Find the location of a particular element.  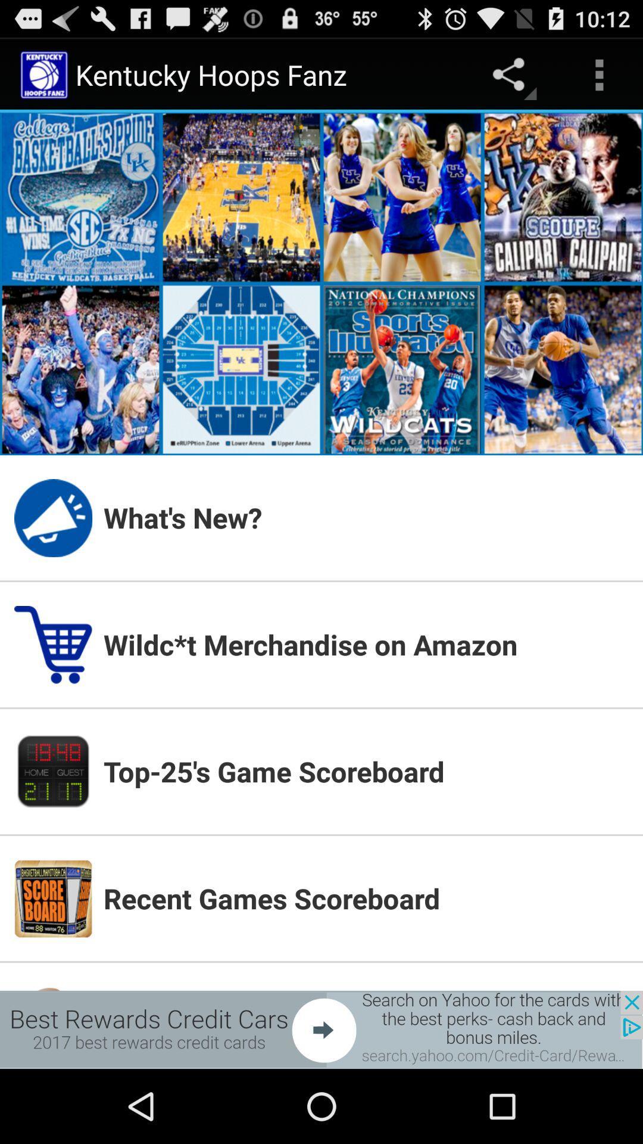

banner advertisement is located at coordinates (321, 1029).